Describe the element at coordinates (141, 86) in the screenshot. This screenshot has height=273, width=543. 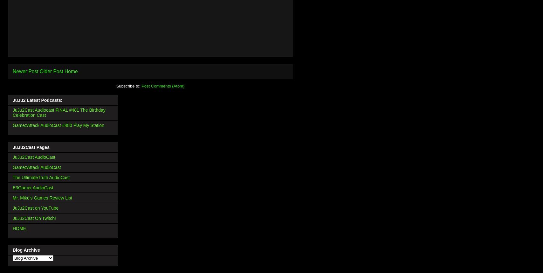
I see `'Post Comments (Atom)'` at that location.